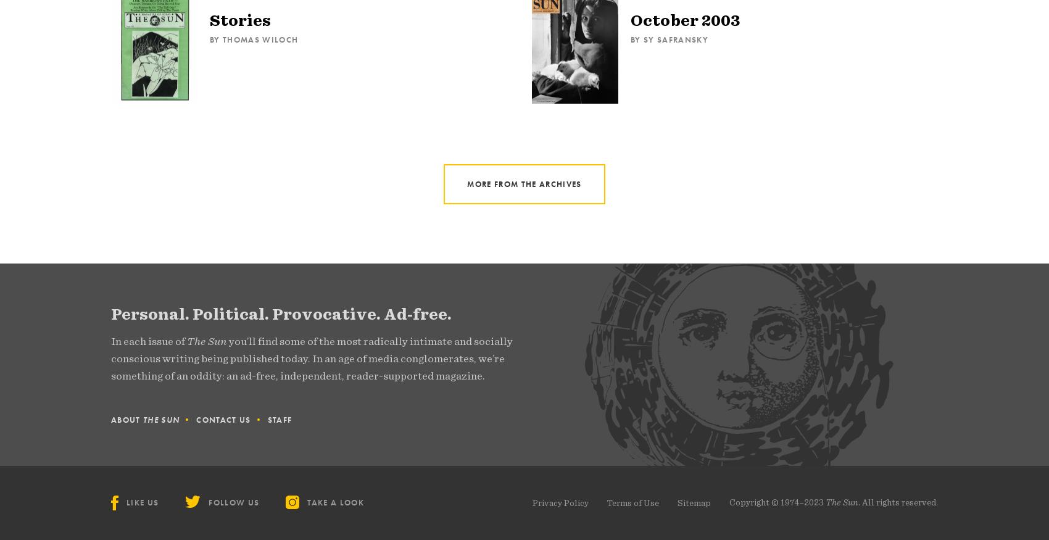  I want to click on 'Contact Us', so click(196, 419).